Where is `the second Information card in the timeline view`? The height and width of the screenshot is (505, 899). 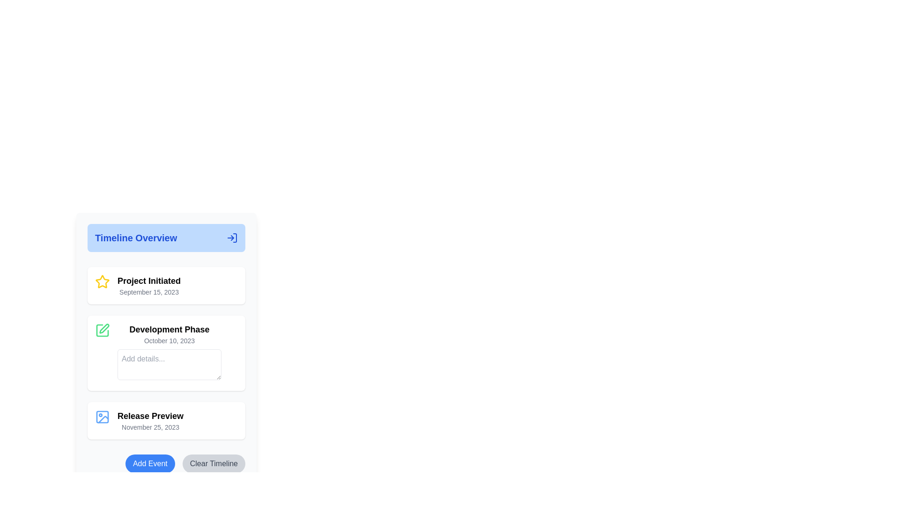
the second Information card in the timeline view is located at coordinates (166, 353).